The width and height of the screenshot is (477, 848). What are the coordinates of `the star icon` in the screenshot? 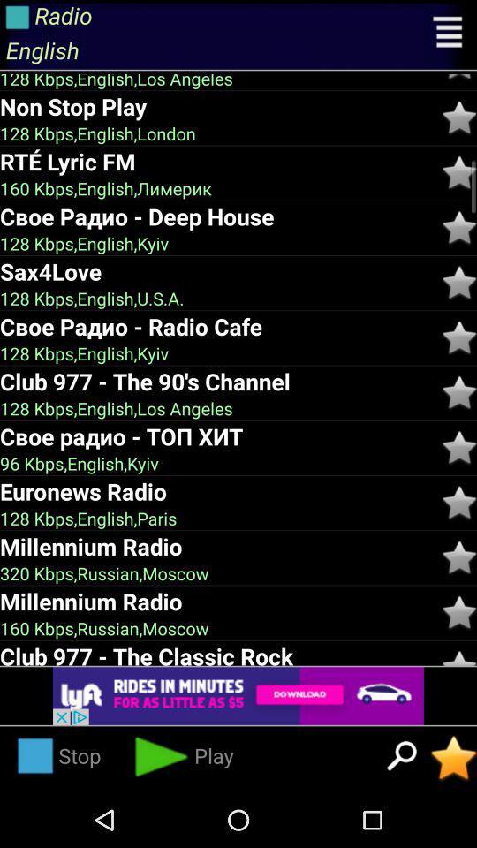 It's located at (453, 812).